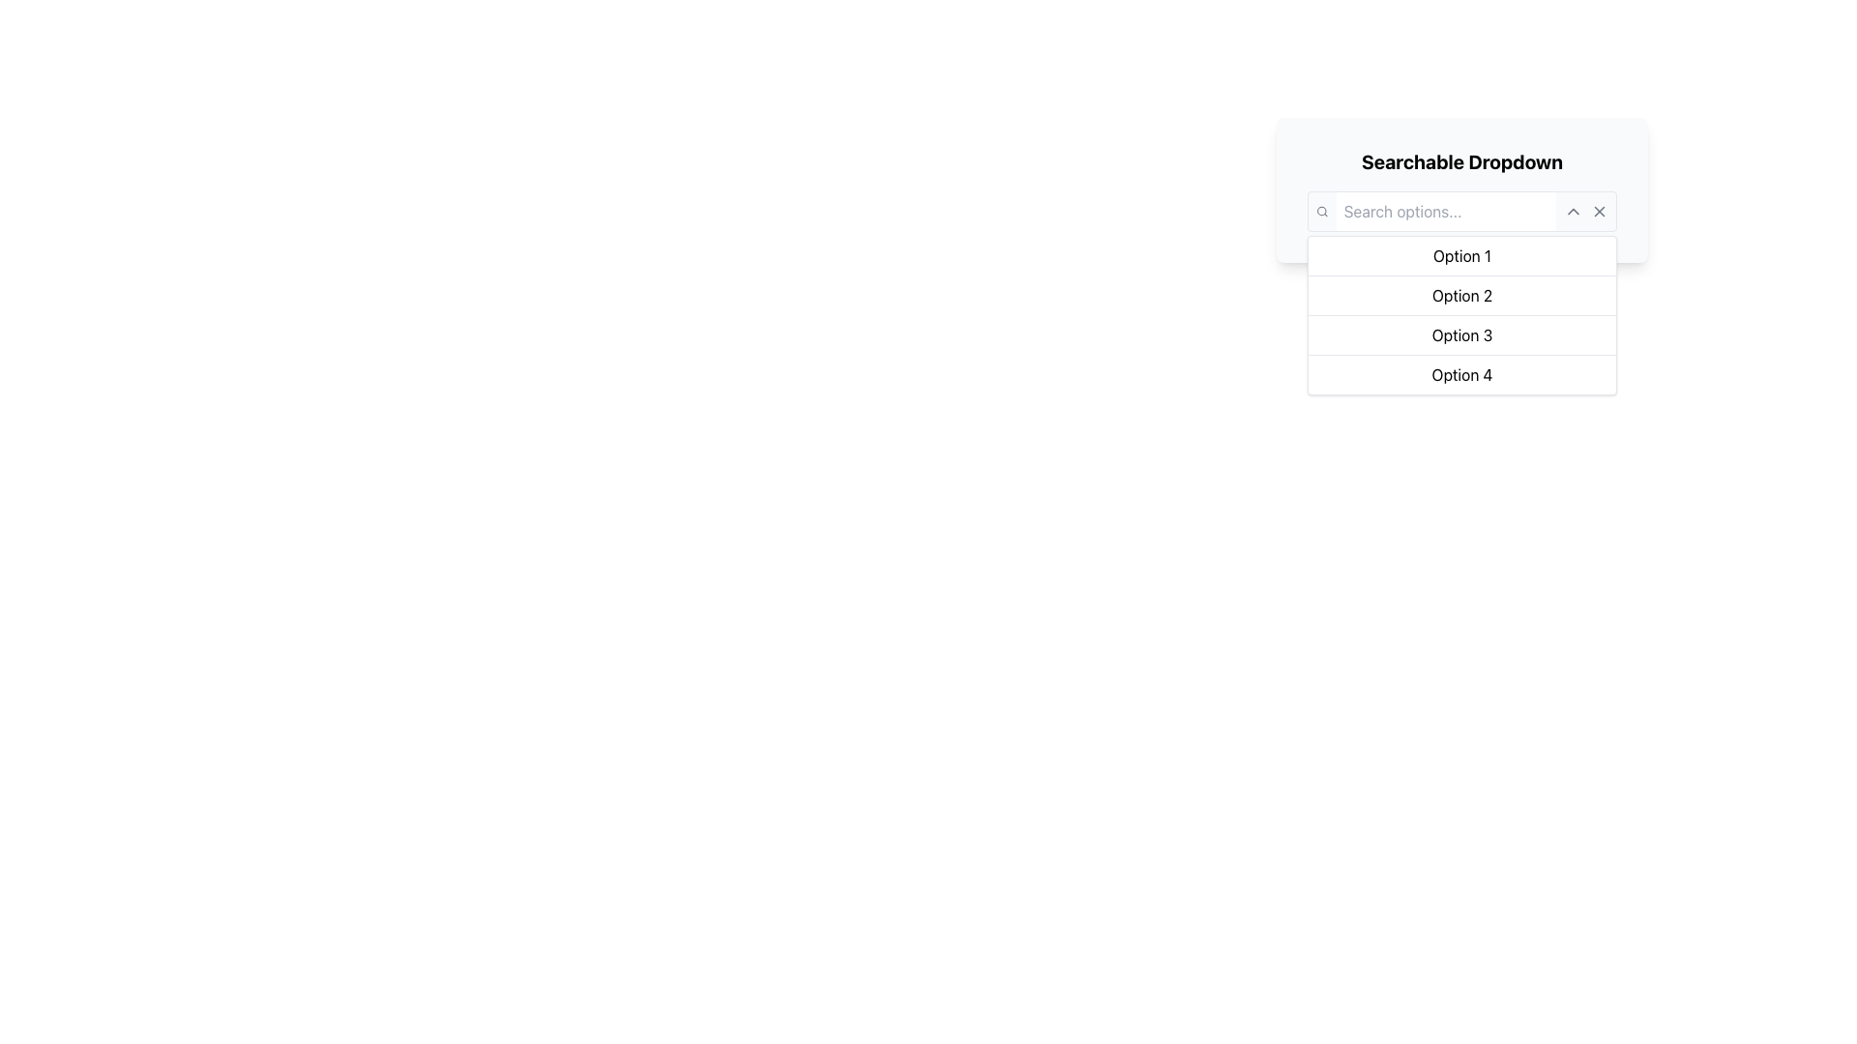  What do you see at coordinates (1600, 212) in the screenshot?
I see `the clear or close icon located in the top-right corner of the dropdown menu, adjacent to the search input field` at bounding box center [1600, 212].